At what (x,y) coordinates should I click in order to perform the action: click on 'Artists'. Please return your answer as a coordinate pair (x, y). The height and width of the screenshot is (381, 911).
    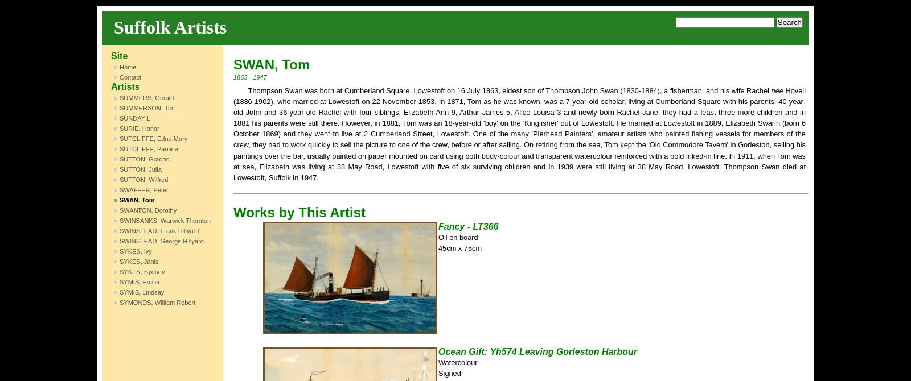
    Looking at the image, I should click on (125, 86).